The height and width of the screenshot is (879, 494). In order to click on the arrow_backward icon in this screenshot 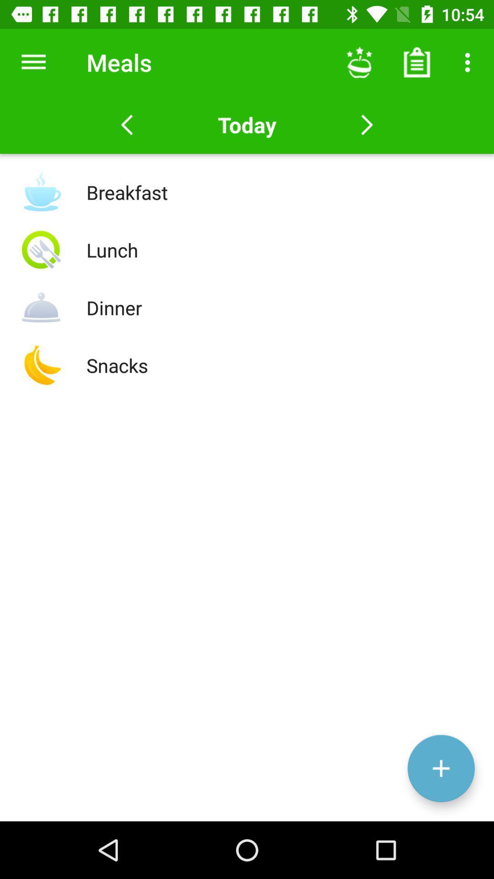, I will do `click(127, 125)`.